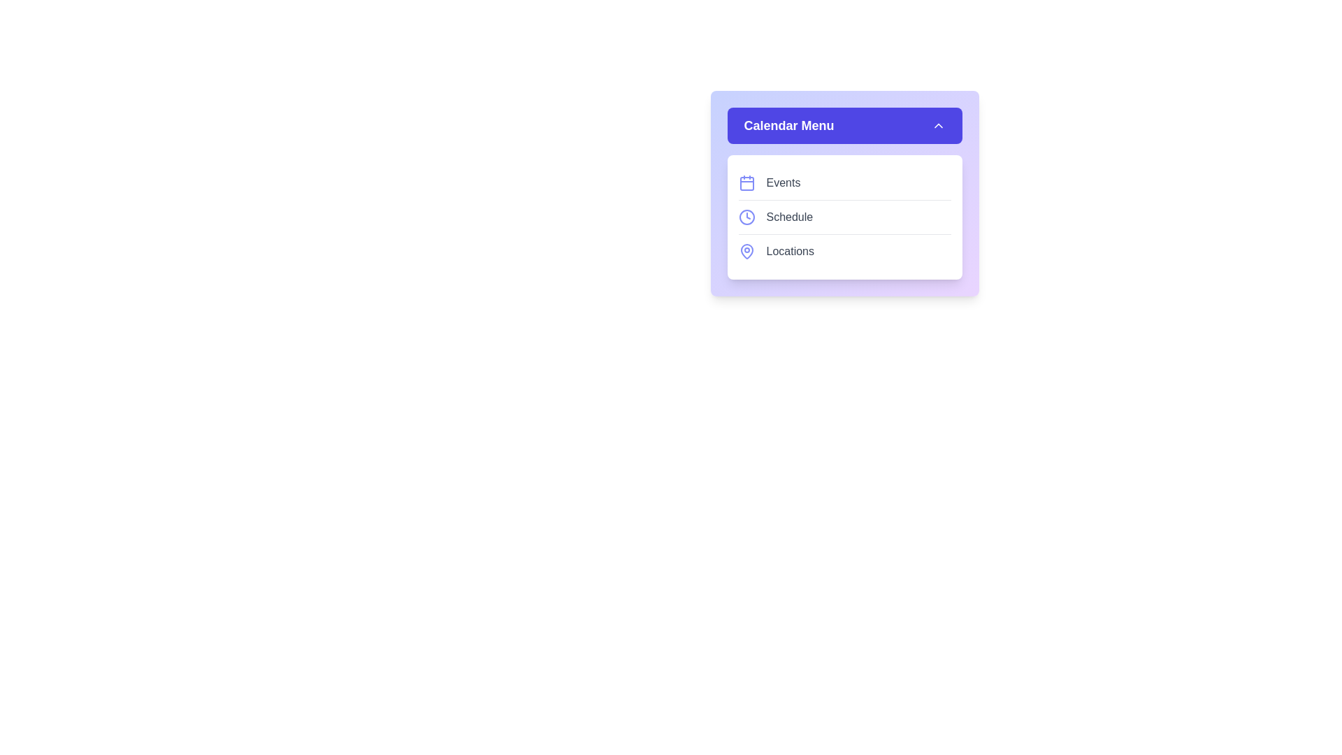  What do you see at coordinates (844, 217) in the screenshot?
I see `the menu item Schedule` at bounding box center [844, 217].